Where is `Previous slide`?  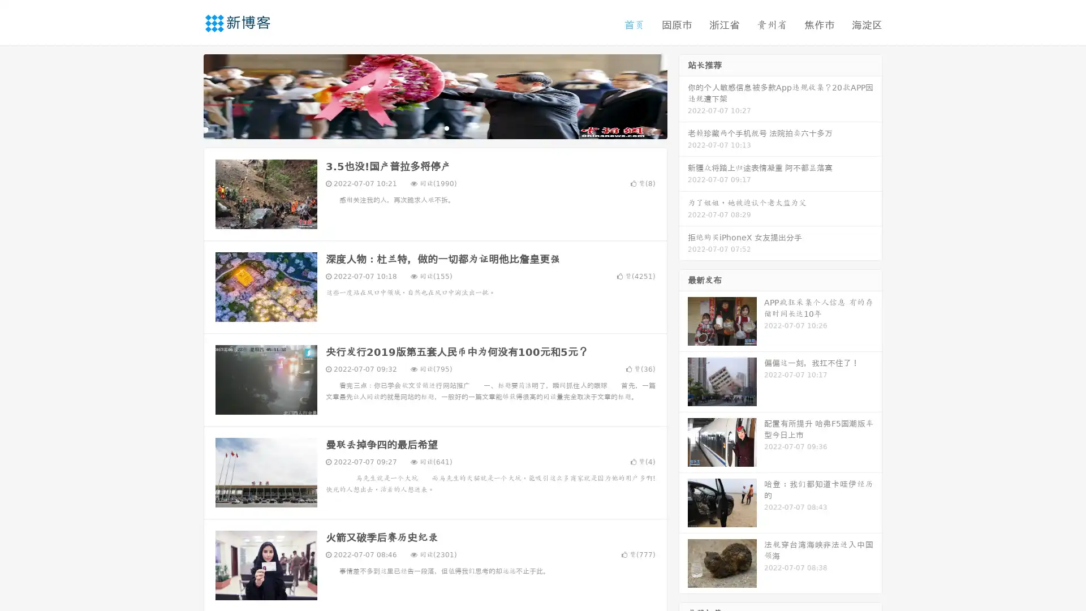
Previous slide is located at coordinates (187, 95).